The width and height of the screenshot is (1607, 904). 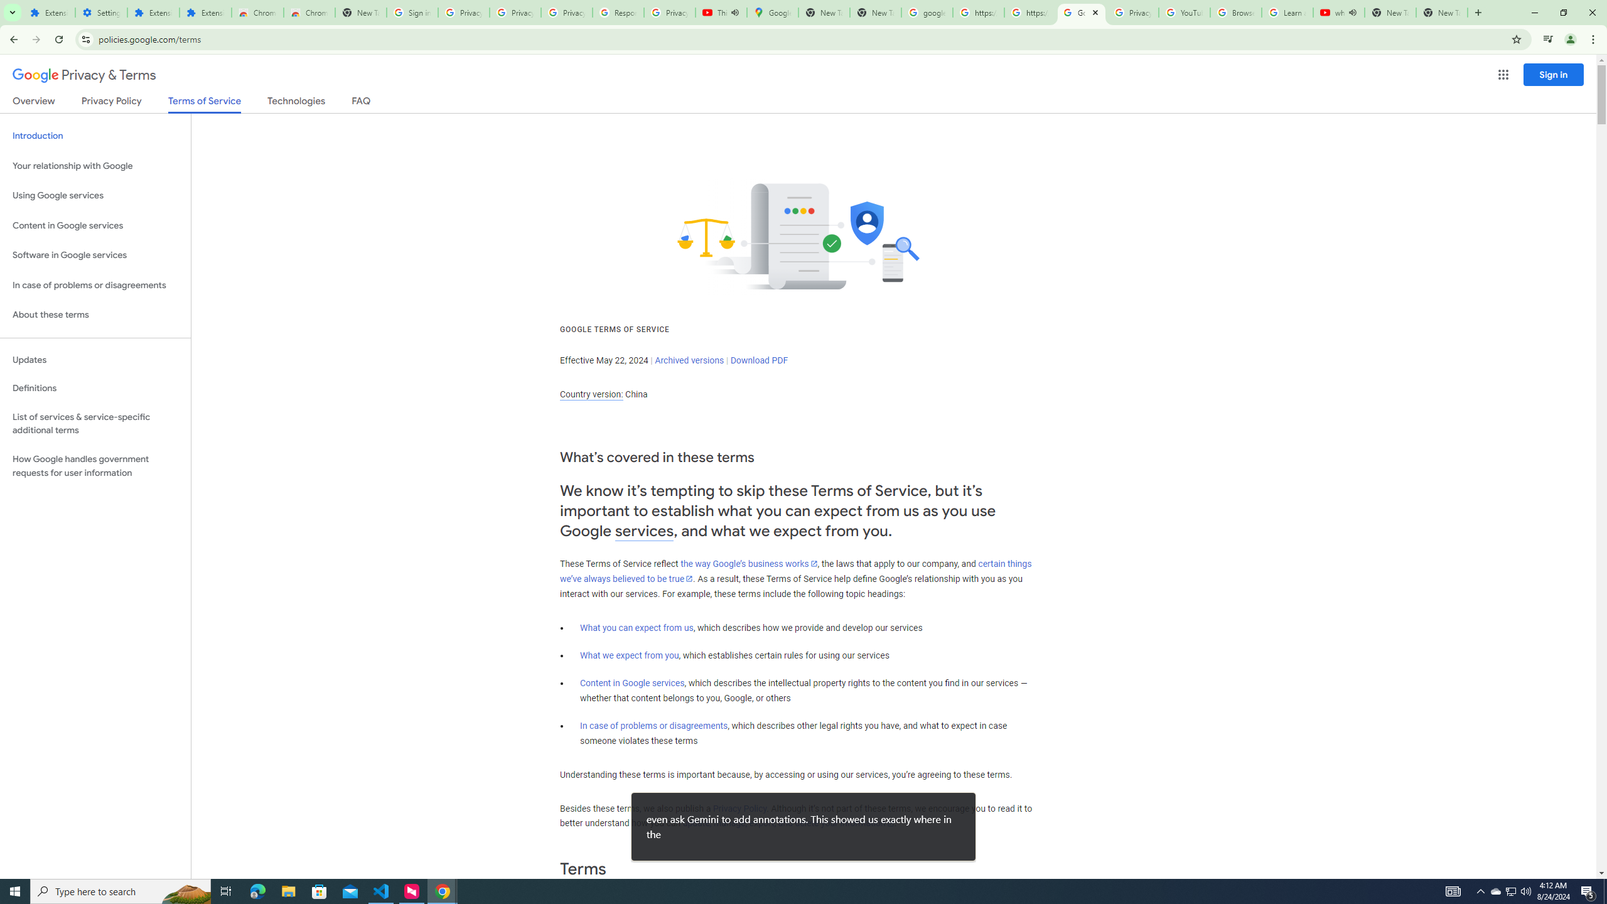 What do you see at coordinates (653, 726) in the screenshot?
I see `'In case of problems or disagreements'` at bounding box center [653, 726].